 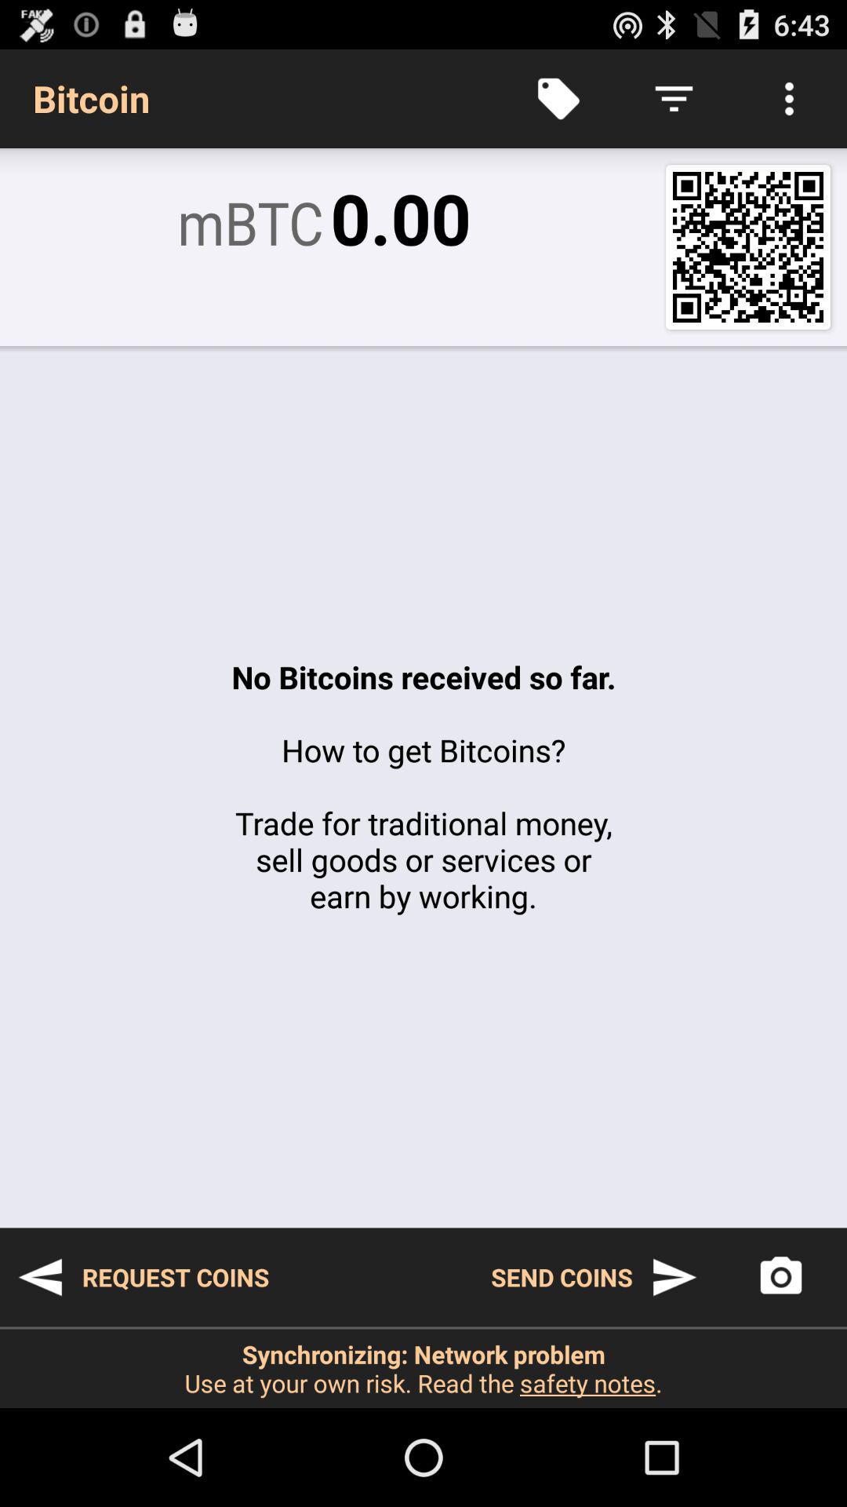 What do you see at coordinates (558, 97) in the screenshot?
I see `the icon next to bitcoin icon` at bounding box center [558, 97].